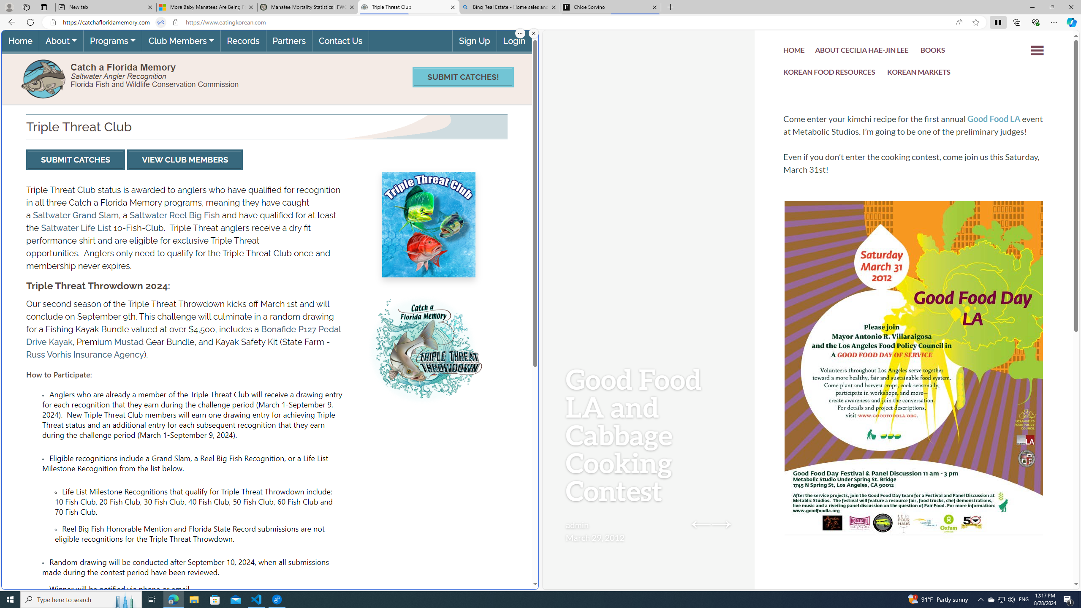 This screenshot has width=1081, height=608. Describe the element at coordinates (862, 51) in the screenshot. I see `'ABOUT CECILIA HAE-JIN LEE'` at that location.